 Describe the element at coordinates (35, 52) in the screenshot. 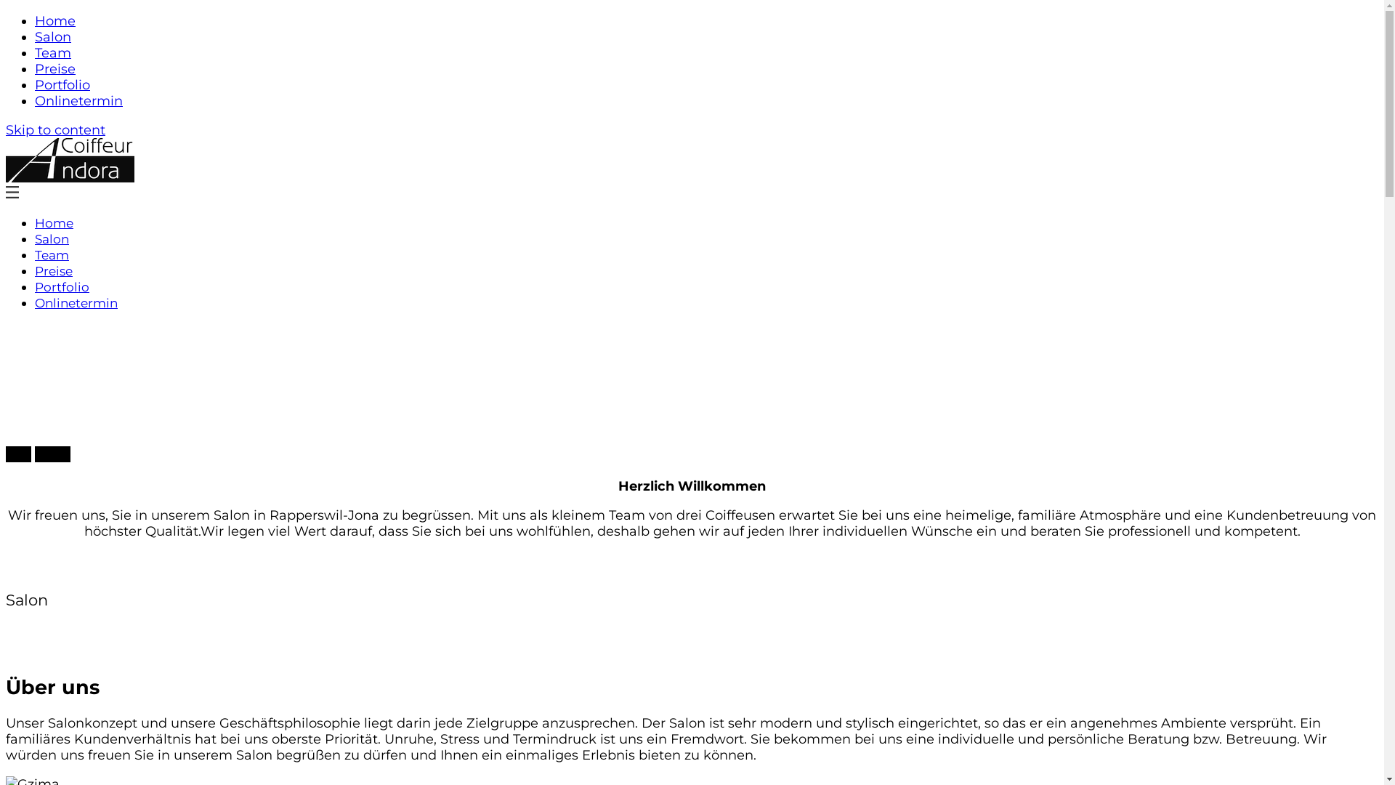

I see `'Team'` at that location.